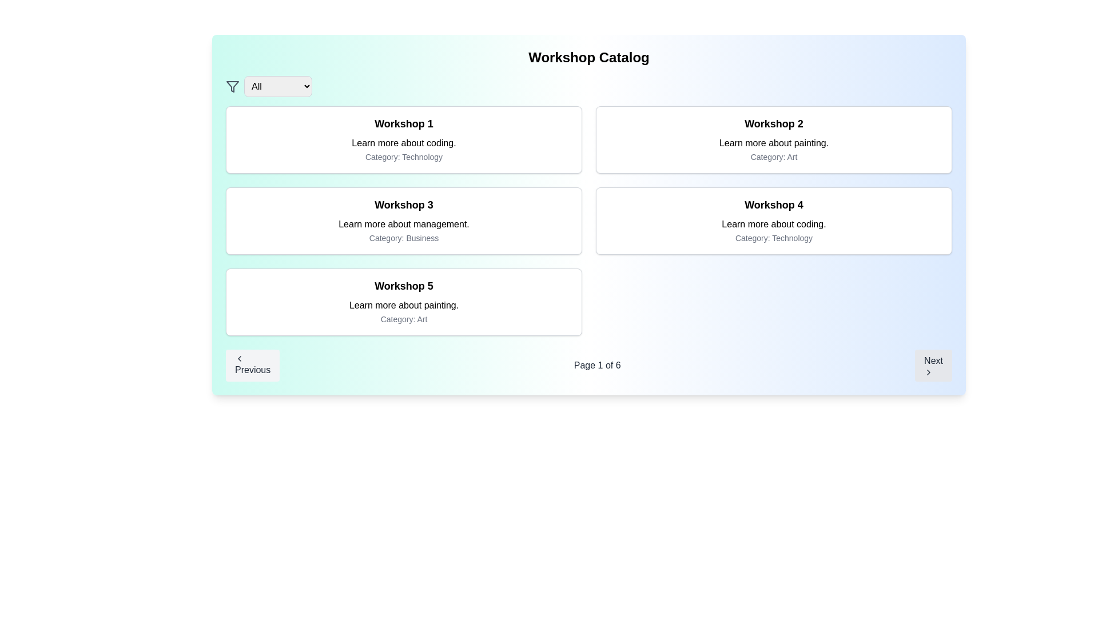 This screenshot has height=617, width=1098. Describe the element at coordinates (933, 366) in the screenshot. I see `the 'Next' button with a chevron icon located in the bottom-right corner of the navigation bar` at that location.